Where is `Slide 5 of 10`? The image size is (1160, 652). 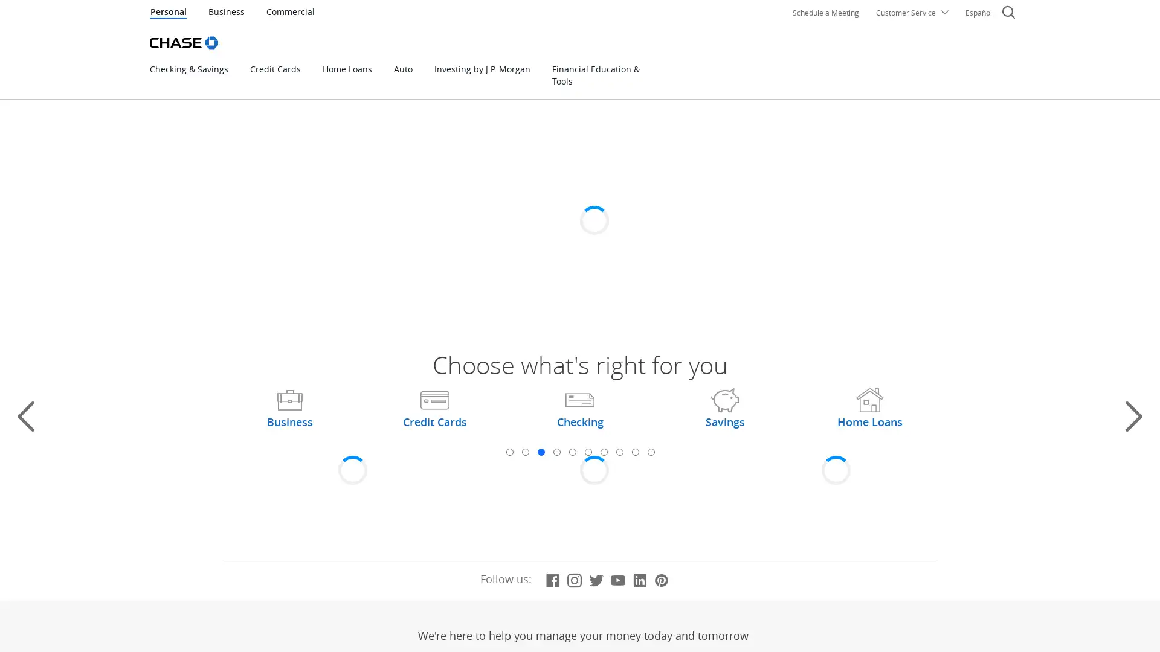 Slide 5 of 10 is located at coordinates (571, 452).